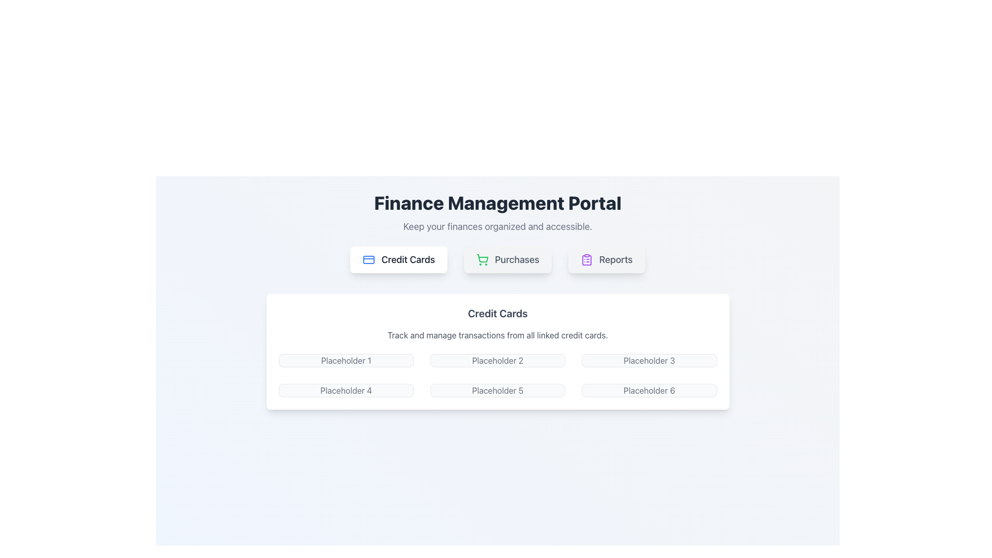 The height and width of the screenshot is (558, 992). I want to click on the text label displaying 'Placeholder 2', which is styled in gray font and located in the 'Credit Cards' section, between 'Placeholder 1' and 'Placeholder 3', so click(498, 360).